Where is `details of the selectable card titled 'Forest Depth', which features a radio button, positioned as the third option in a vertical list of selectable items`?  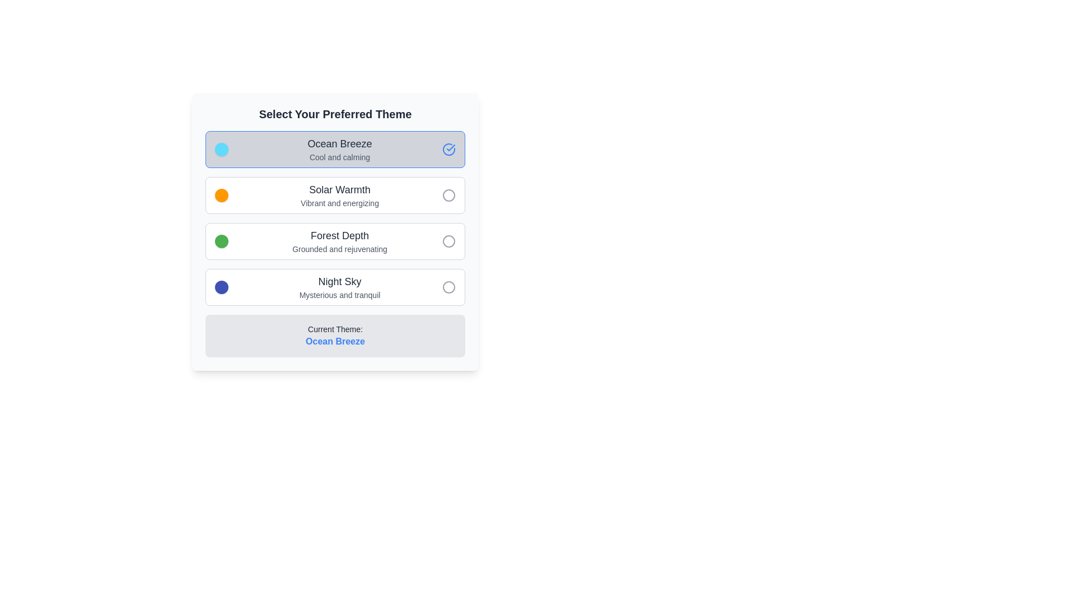 details of the selectable card titled 'Forest Depth', which features a radio button, positioned as the third option in a vertical list of selectable items is located at coordinates (335, 241).